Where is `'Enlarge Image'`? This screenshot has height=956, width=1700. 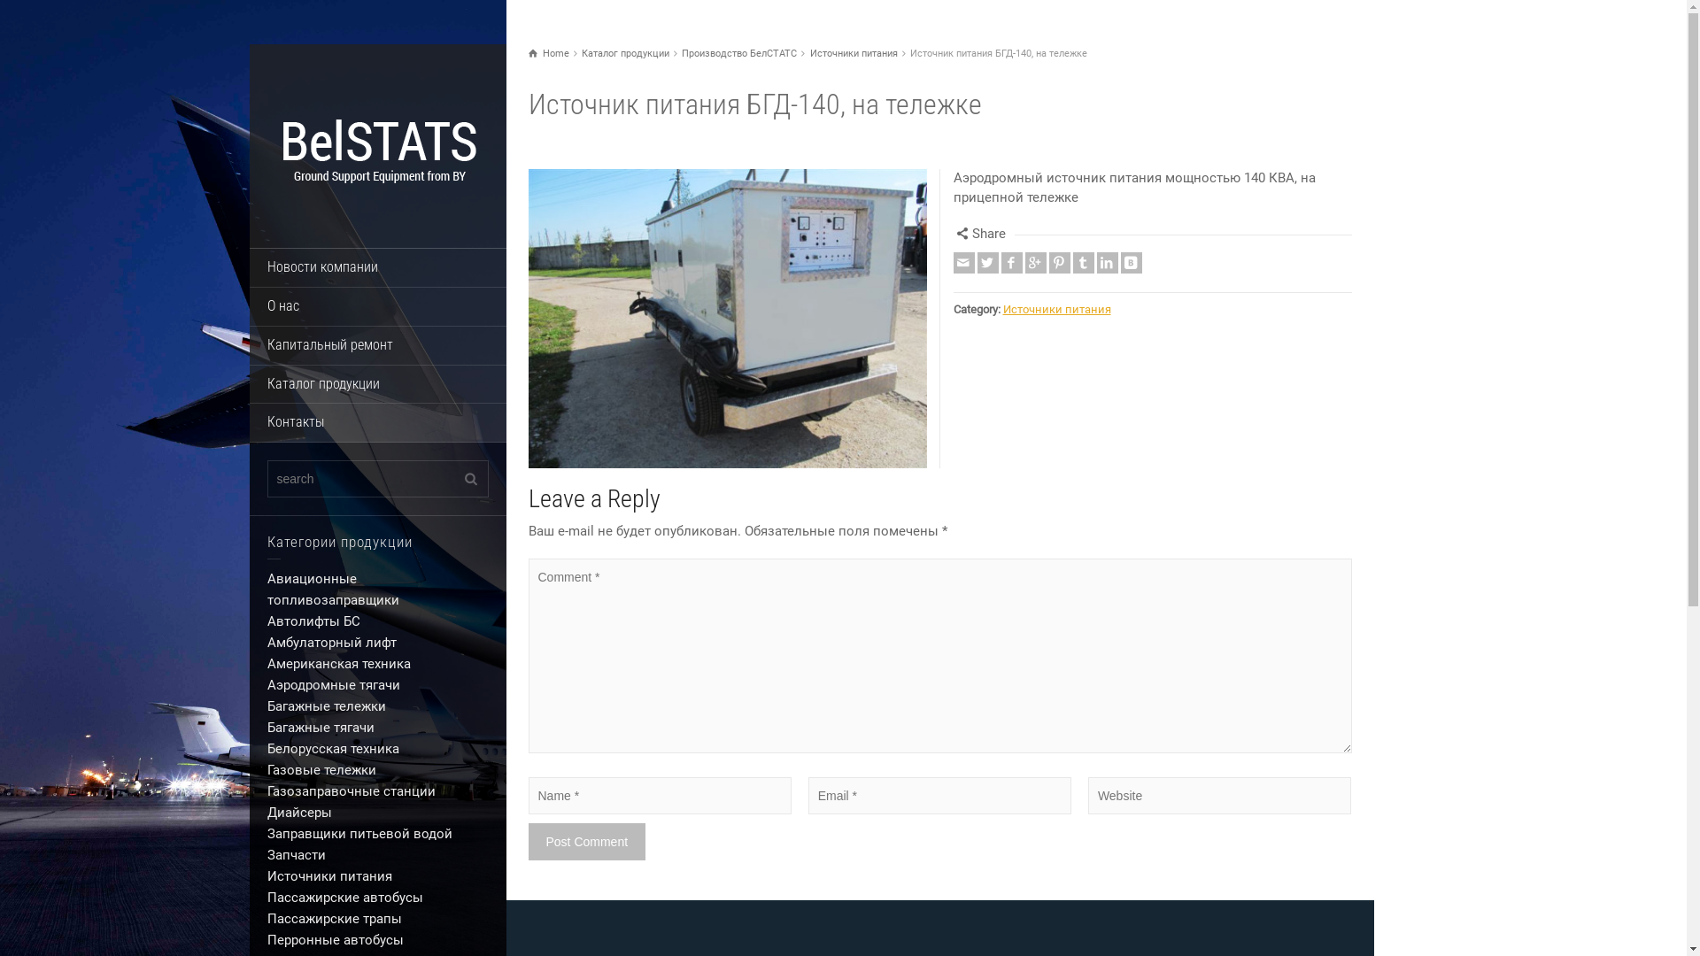
'Enlarge Image' is located at coordinates (726, 317).